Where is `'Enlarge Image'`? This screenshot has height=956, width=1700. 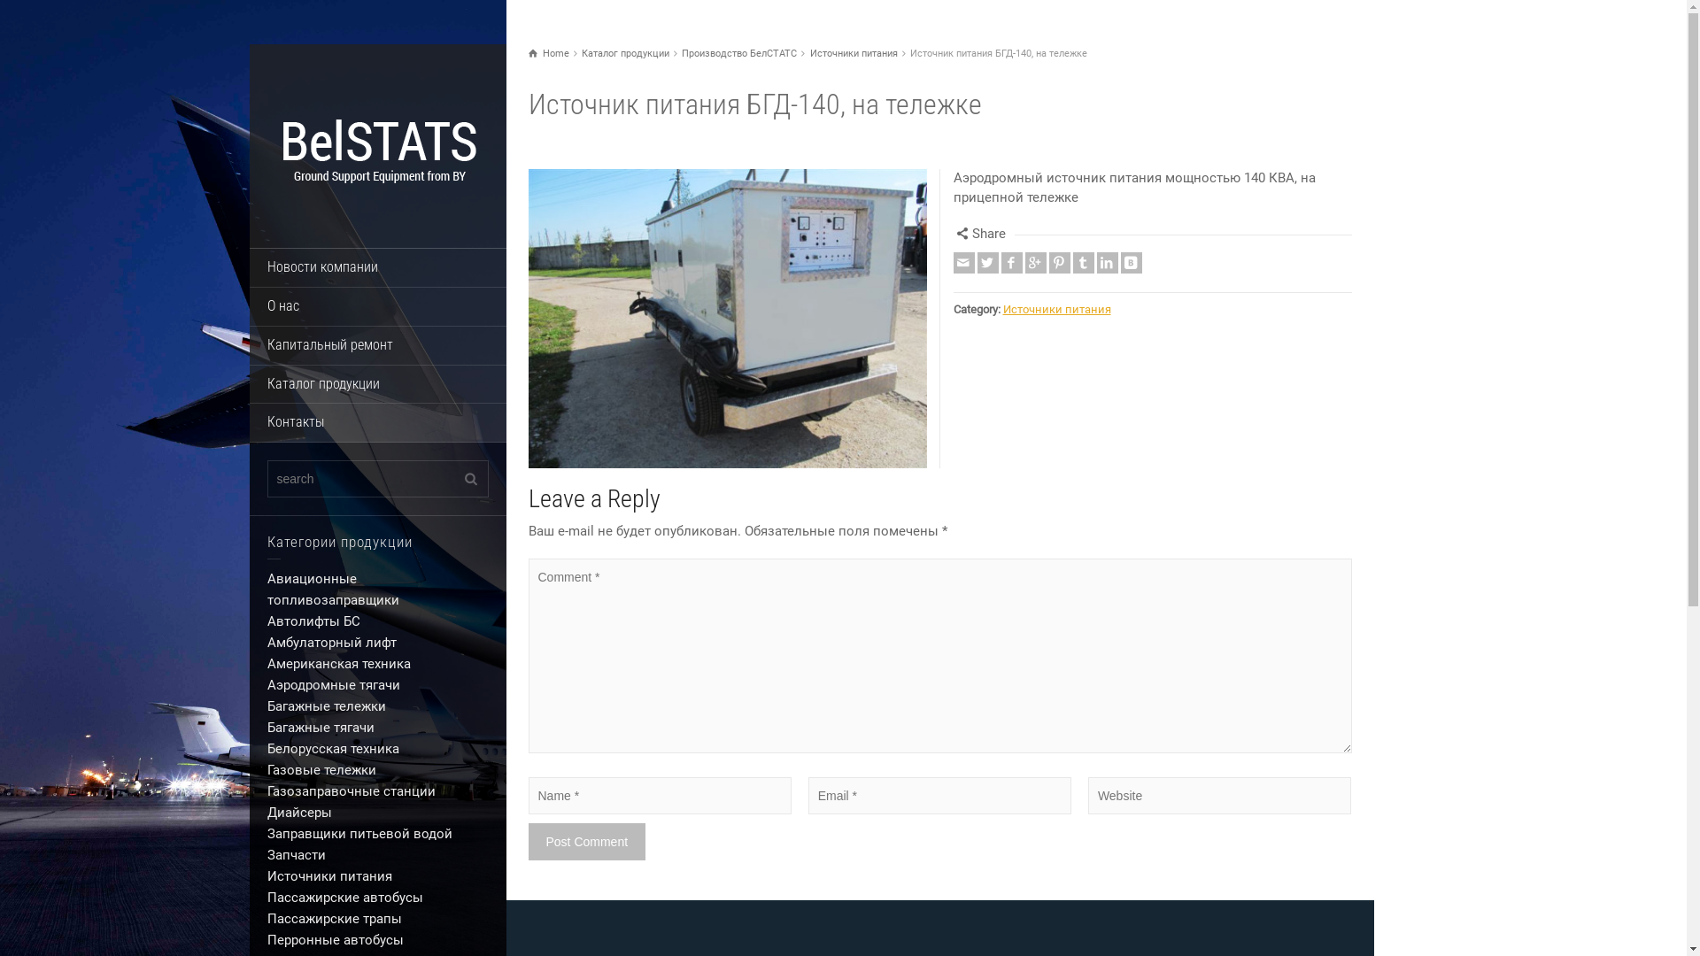
'Enlarge Image' is located at coordinates (726, 317).